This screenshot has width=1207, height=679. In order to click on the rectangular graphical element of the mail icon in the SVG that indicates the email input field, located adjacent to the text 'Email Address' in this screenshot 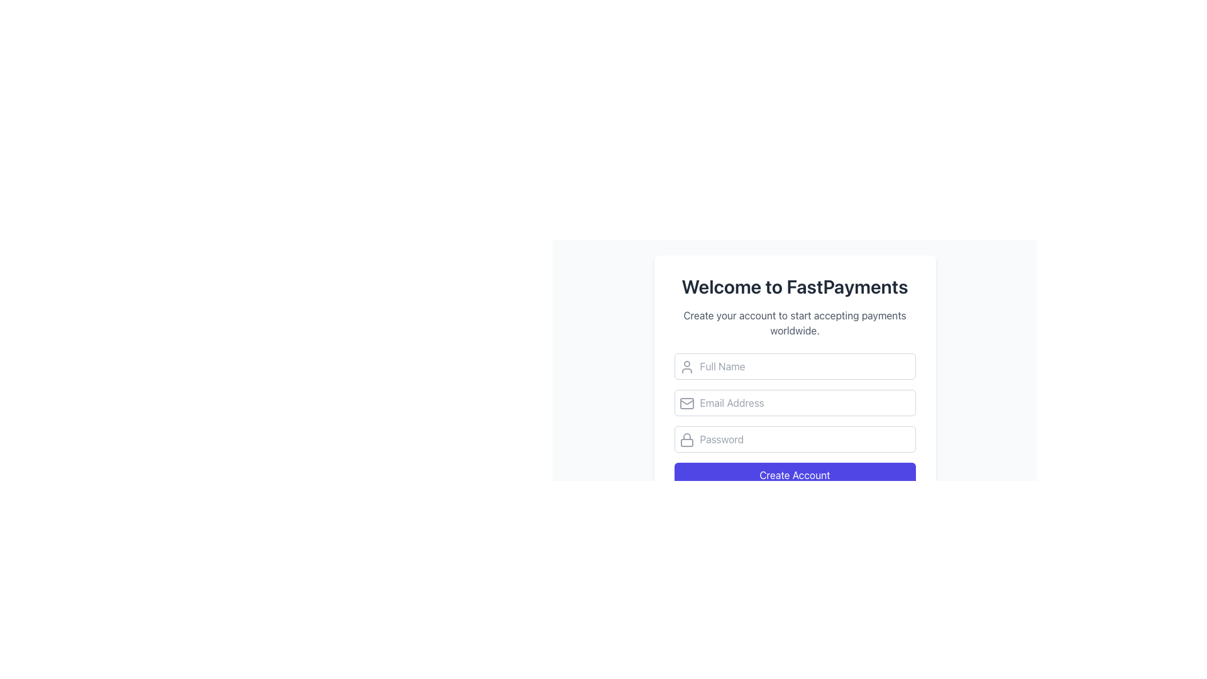, I will do `click(686, 403)`.